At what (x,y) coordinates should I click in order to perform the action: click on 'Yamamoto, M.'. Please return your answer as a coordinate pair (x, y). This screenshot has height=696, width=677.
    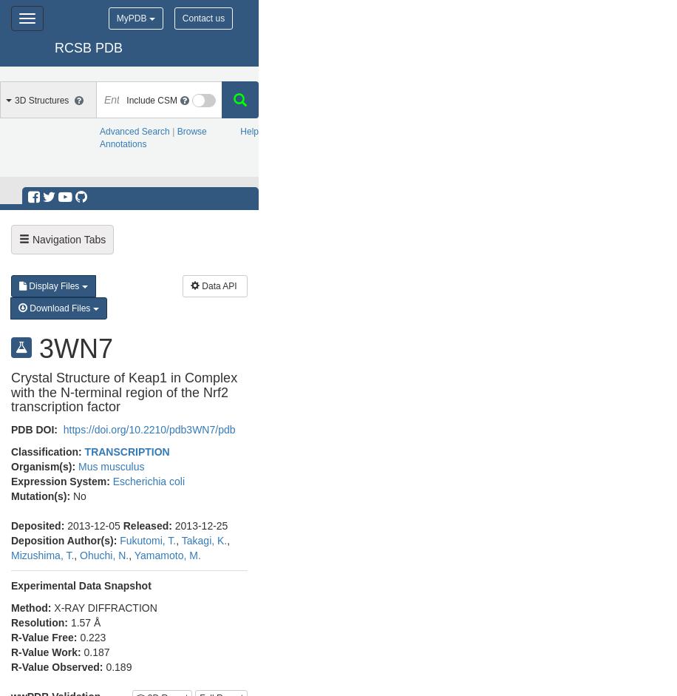
    Looking at the image, I should click on (133, 555).